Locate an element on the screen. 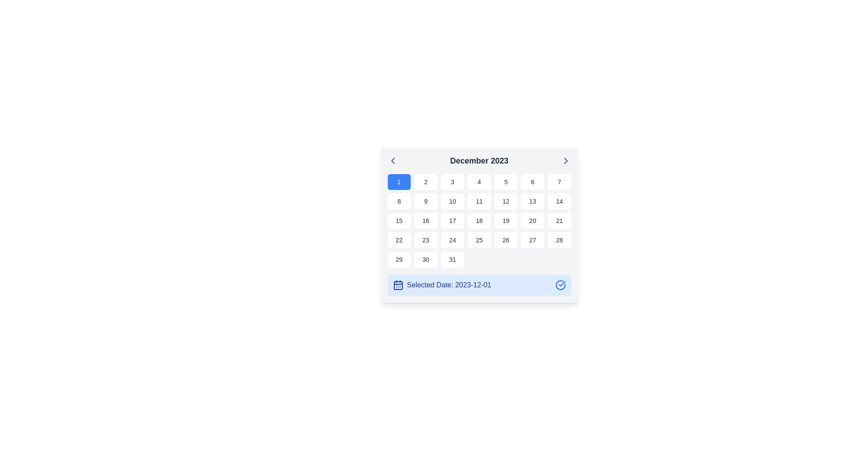 The image size is (847, 476). the rounded rectangular button displaying the number '22' in the calendar grid is located at coordinates (398, 240).